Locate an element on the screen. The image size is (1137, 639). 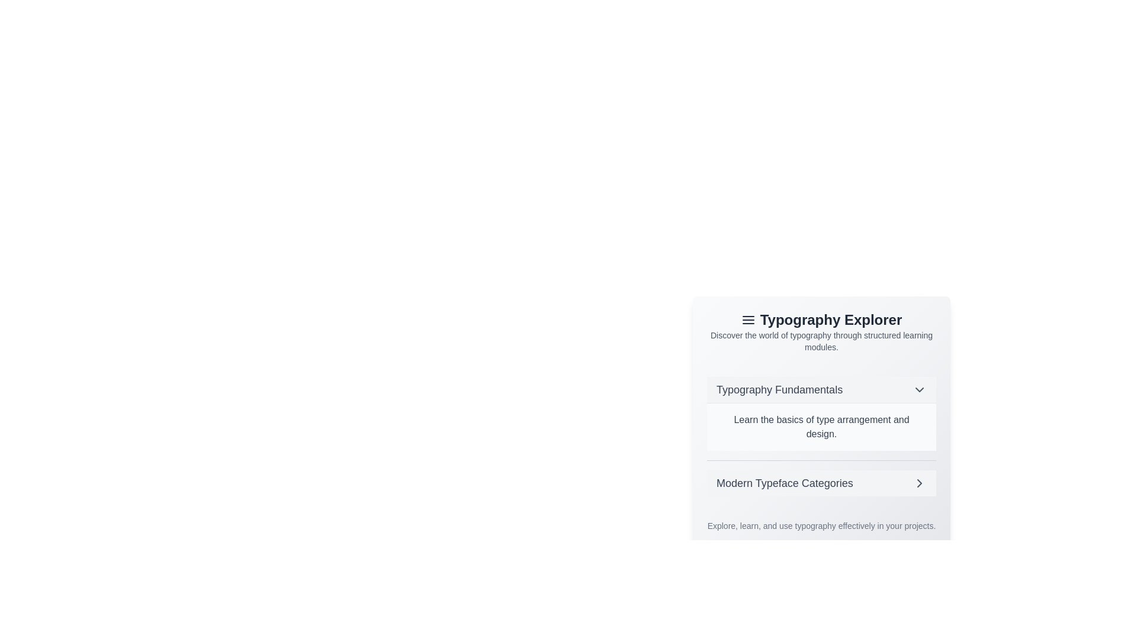
the button labeled 'Modern Typeface Categories' located below 'Typography Fundamentals' in the 'Typography Explorer' module is located at coordinates (821, 483).